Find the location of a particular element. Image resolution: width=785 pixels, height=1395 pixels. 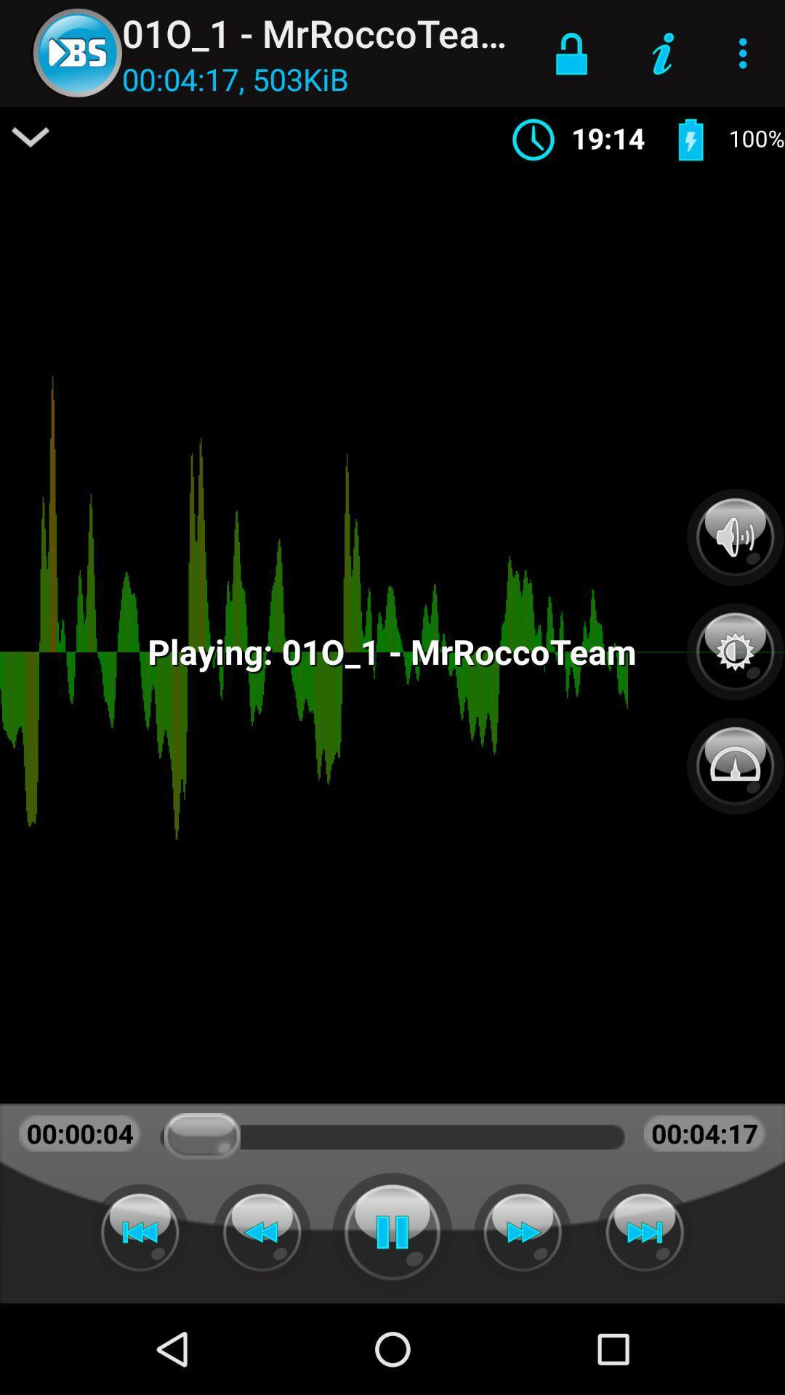

the expand_more icon is located at coordinates (31, 137).